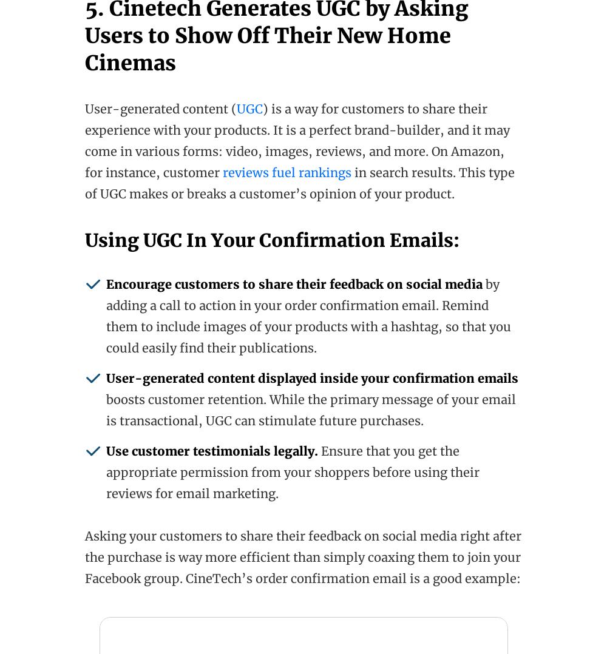 The width and height of the screenshot is (607, 654). What do you see at coordinates (106, 471) in the screenshot?
I see `'Ensure that you get the appropriate permission from your shoppers before using their reviews for email marketing.'` at bounding box center [106, 471].